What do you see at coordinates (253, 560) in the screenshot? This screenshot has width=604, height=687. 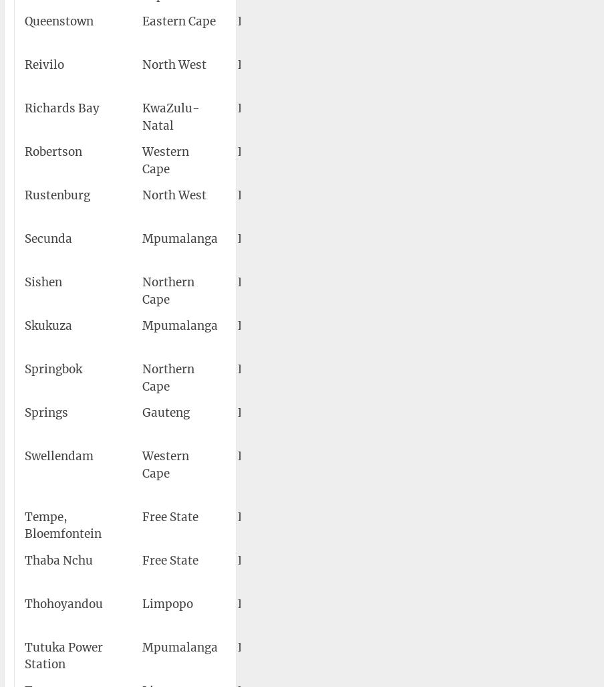 I see `'FATN'` at bounding box center [253, 560].